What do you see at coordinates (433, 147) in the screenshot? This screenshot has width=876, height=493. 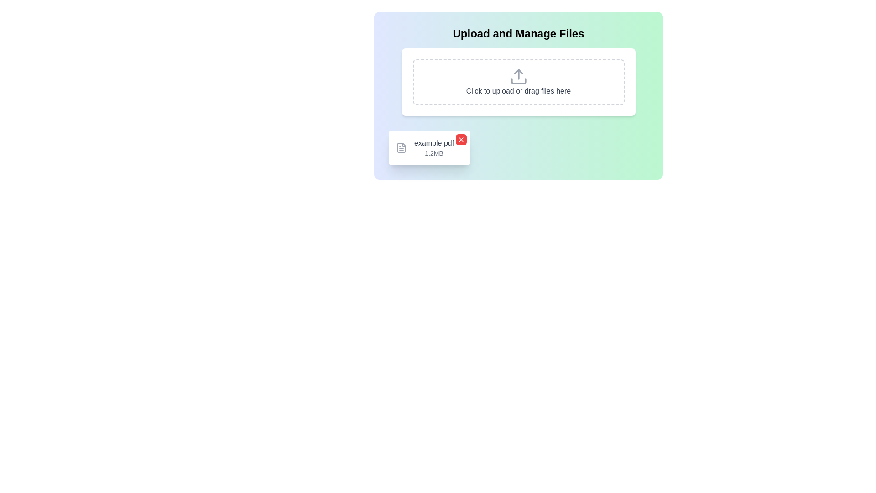 I see `the static text display element showing 'example.pdf' and '1.2MB' in the file upload section, located under the 'Upload and Manage Files' header` at bounding box center [433, 147].